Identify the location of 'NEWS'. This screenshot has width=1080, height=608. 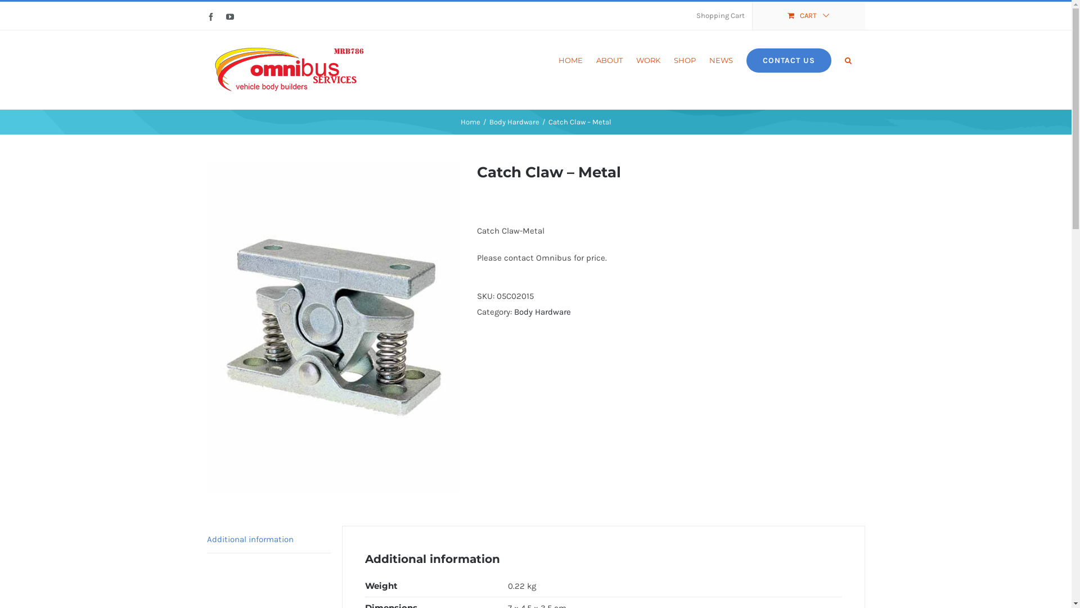
(721, 59).